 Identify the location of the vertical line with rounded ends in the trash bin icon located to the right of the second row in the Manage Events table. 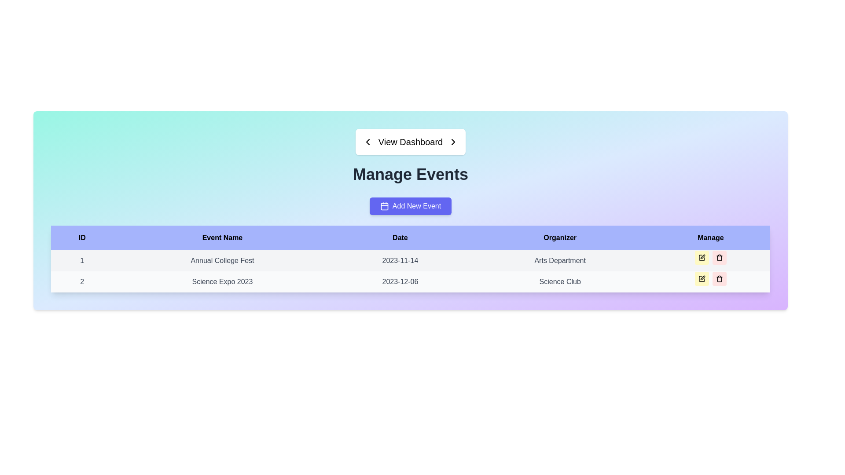
(719, 279).